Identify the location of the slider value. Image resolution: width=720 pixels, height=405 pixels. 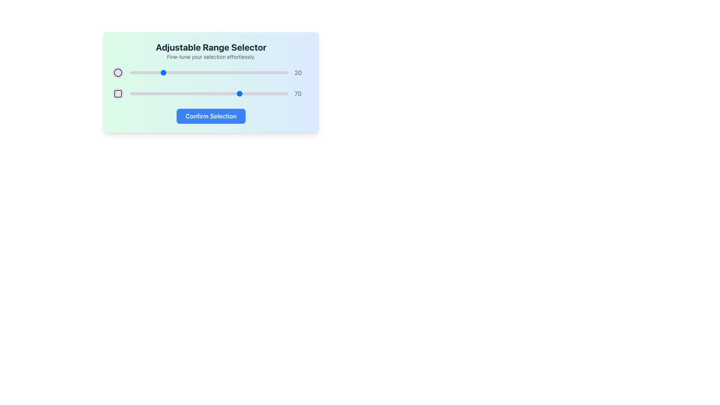
(133, 93).